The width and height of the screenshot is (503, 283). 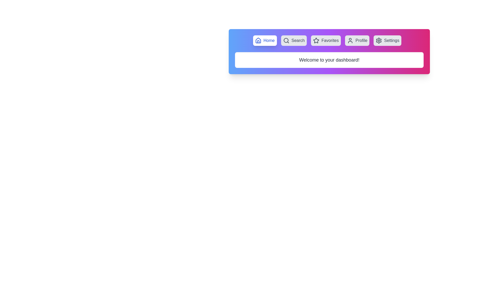 I want to click on the 'Favorites' button in the navigation bar to visualize the hover effects, so click(x=329, y=40).